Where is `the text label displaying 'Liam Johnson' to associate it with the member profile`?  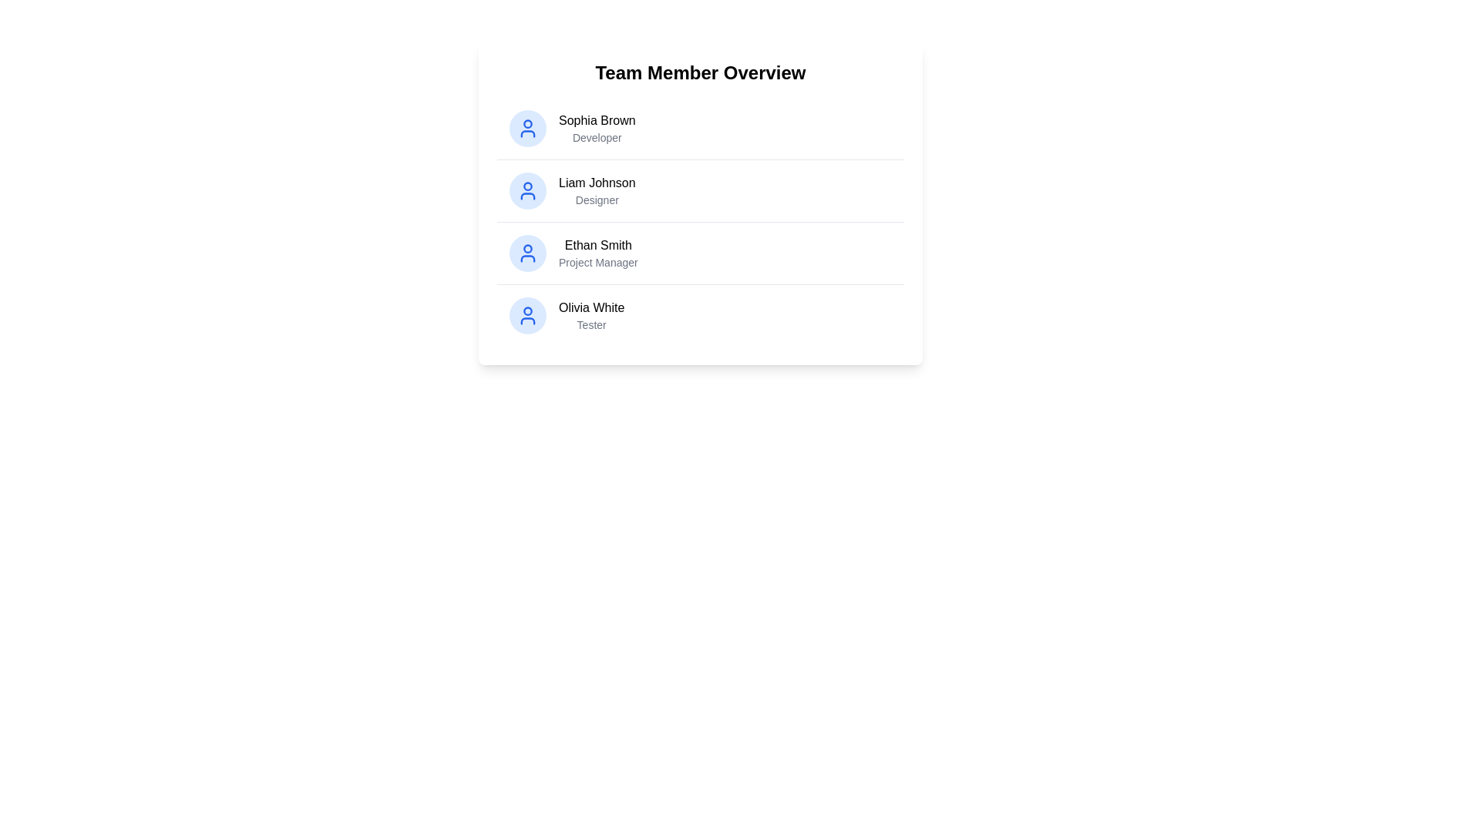 the text label displaying 'Liam Johnson' to associate it with the member profile is located at coordinates (596, 183).